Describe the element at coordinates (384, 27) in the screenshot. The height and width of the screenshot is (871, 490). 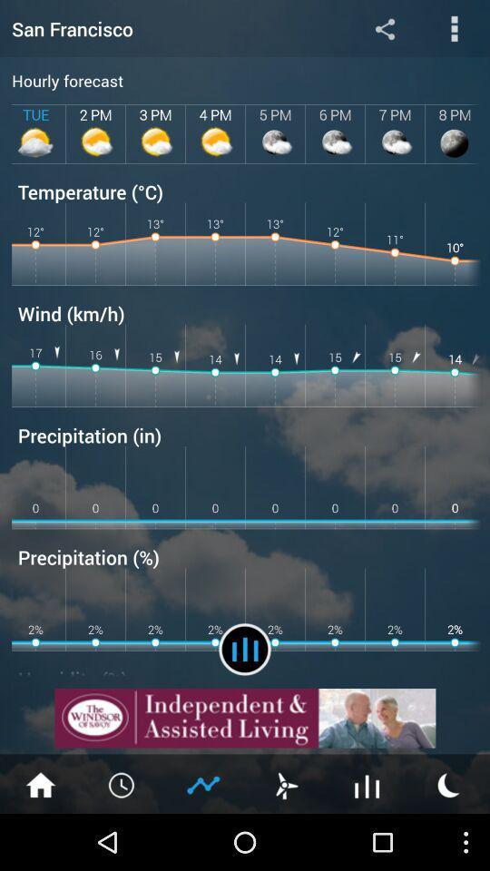
I see `share option` at that location.